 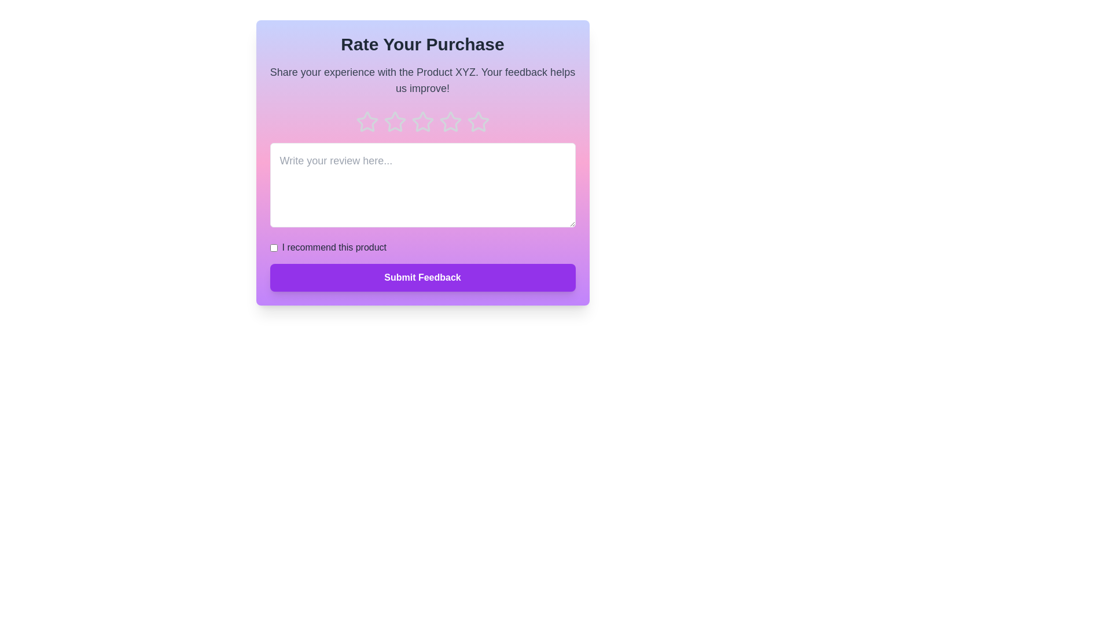 I want to click on the star corresponding to the rating 5, so click(x=478, y=122).